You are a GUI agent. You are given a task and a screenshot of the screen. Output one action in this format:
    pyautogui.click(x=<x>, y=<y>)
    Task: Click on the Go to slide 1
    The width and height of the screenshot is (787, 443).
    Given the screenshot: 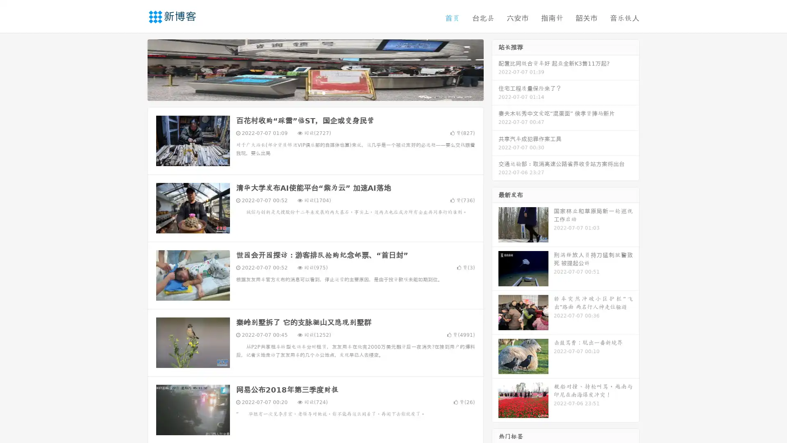 What is the action you would take?
    pyautogui.click(x=307, y=92)
    